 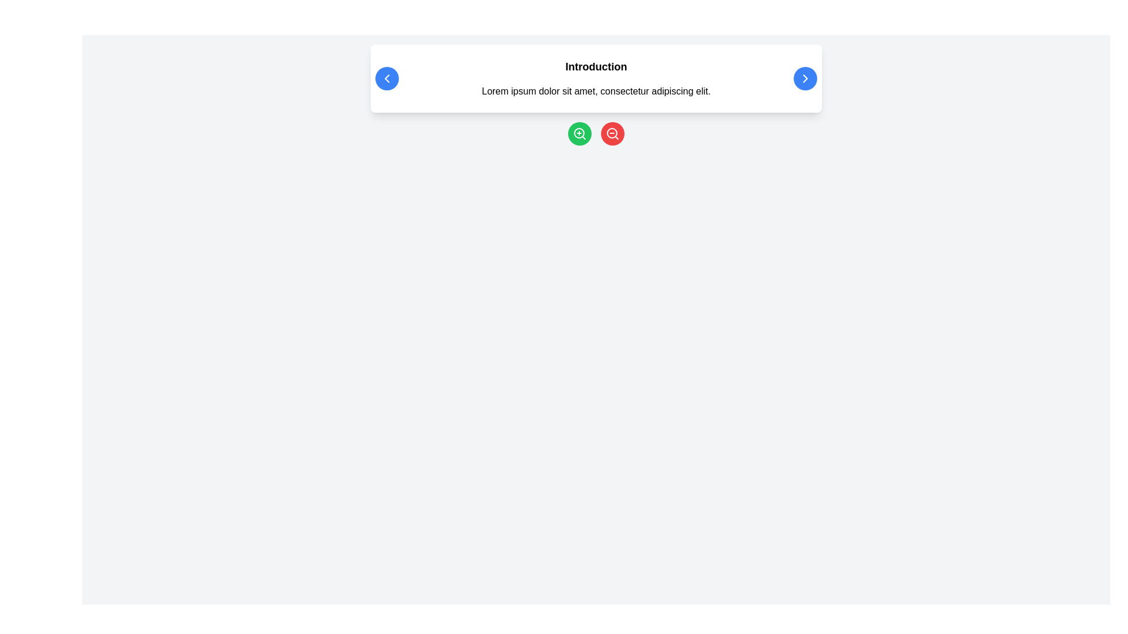 What do you see at coordinates (805, 79) in the screenshot?
I see `the navigation button located at the right edge of the content block` at bounding box center [805, 79].